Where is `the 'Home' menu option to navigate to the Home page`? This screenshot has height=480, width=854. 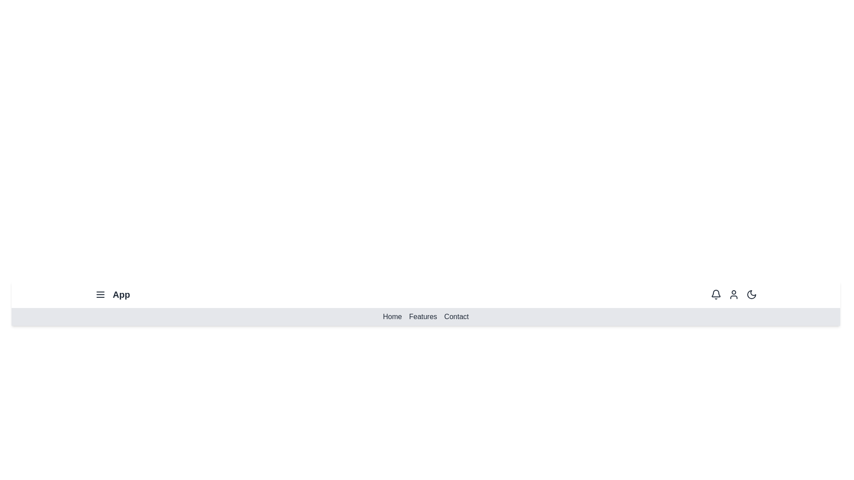 the 'Home' menu option to navigate to the Home page is located at coordinates (392, 316).